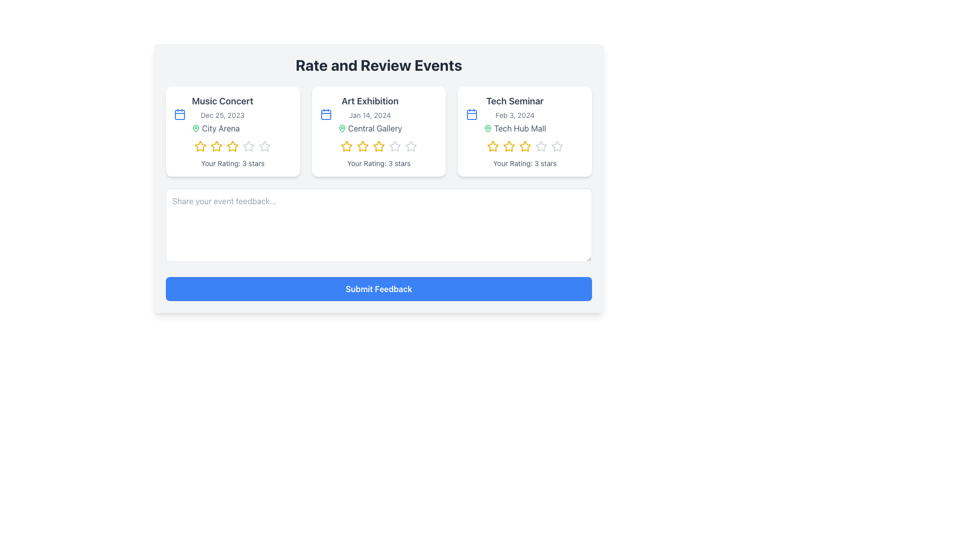 This screenshot has height=542, width=965. What do you see at coordinates (201, 147) in the screenshot?
I see `the first yellow star icon in the rating system under the 'Music Concert' card to interactively rate the event` at bounding box center [201, 147].